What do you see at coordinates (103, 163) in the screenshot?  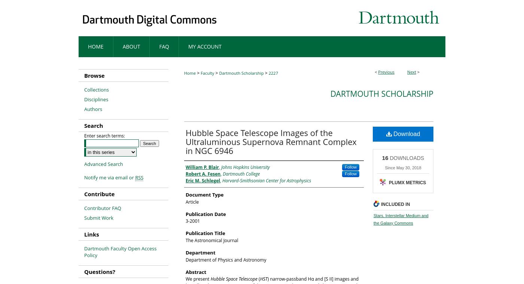 I see `'Advanced Search'` at bounding box center [103, 163].